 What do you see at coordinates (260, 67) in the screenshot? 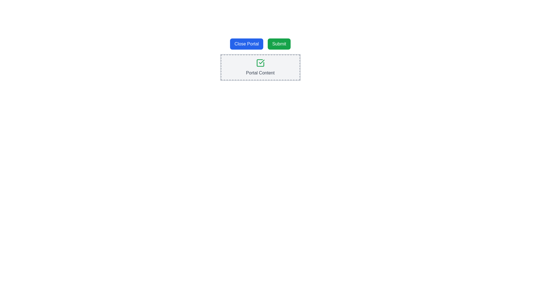
I see `the descriptive Text Label located below the green check icon within the centered dashed-bordered box` at bounding box center [260, 67].